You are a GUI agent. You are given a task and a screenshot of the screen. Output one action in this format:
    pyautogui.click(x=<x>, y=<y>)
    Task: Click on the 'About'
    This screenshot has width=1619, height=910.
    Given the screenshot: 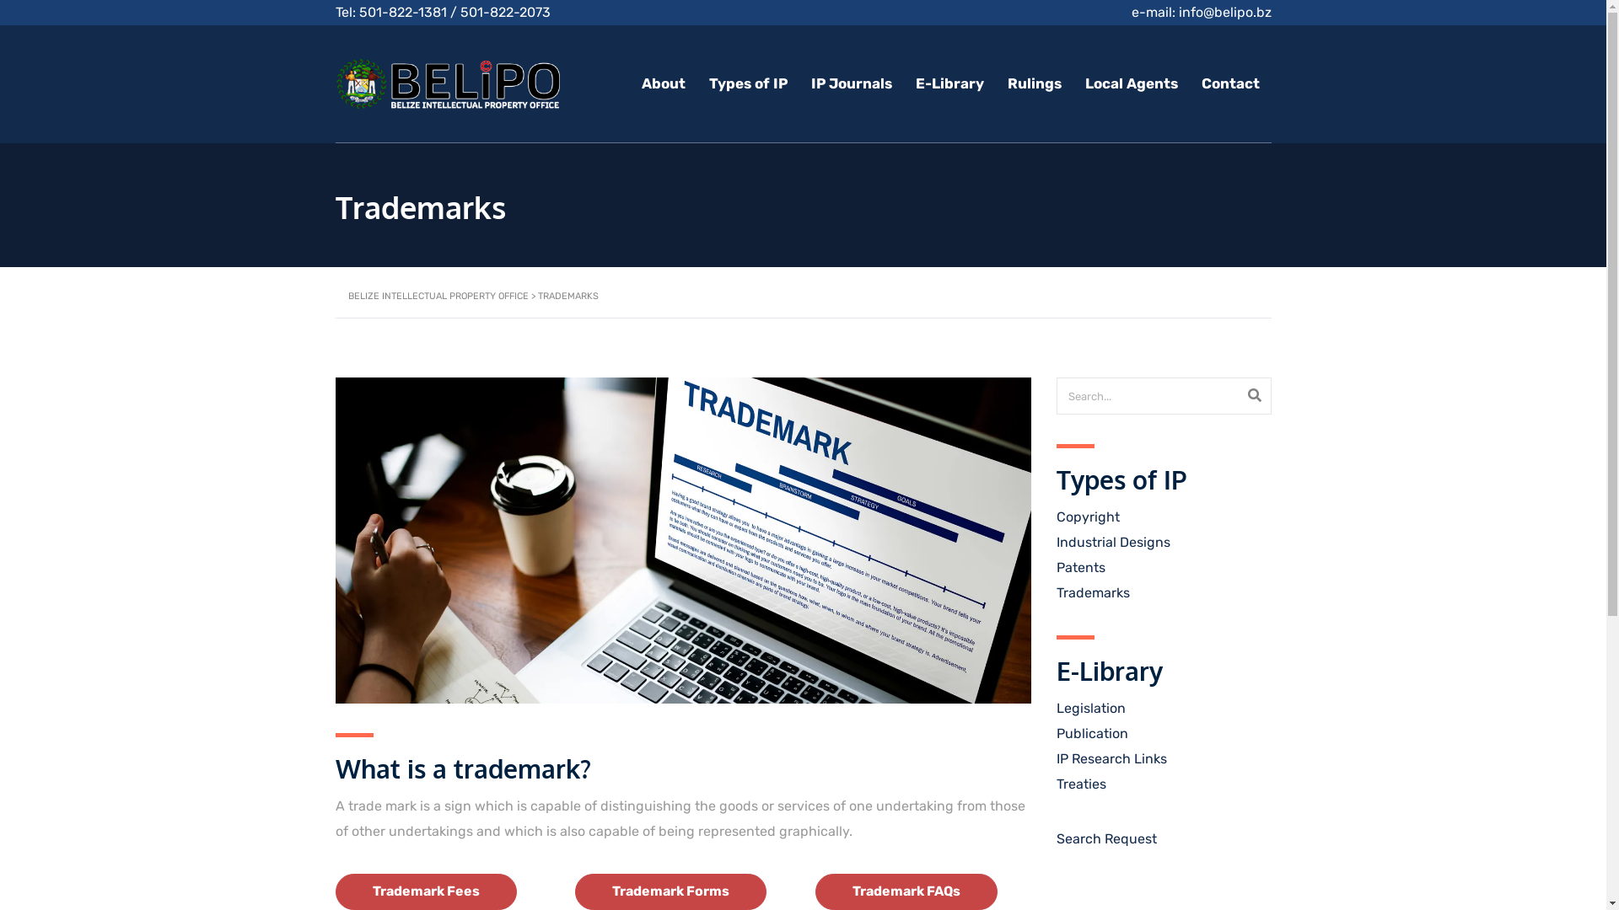 What is the action you would take?
    pyautogui.click(x=662, y=83)
    